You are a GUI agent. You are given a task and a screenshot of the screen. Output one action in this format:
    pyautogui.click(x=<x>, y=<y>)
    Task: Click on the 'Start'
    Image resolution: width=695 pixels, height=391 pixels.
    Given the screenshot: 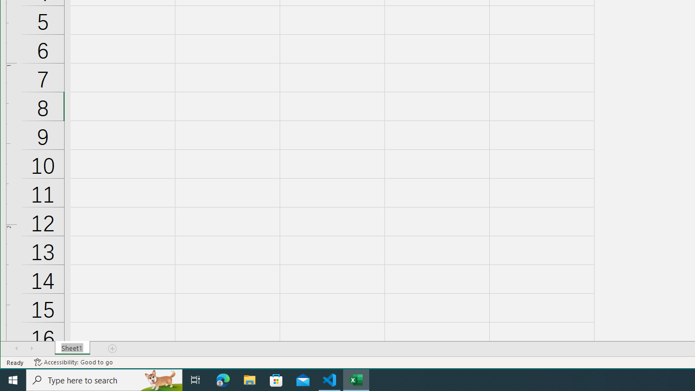 What is the action you would take?
    pyautogui.click(x=13, y=379)
    